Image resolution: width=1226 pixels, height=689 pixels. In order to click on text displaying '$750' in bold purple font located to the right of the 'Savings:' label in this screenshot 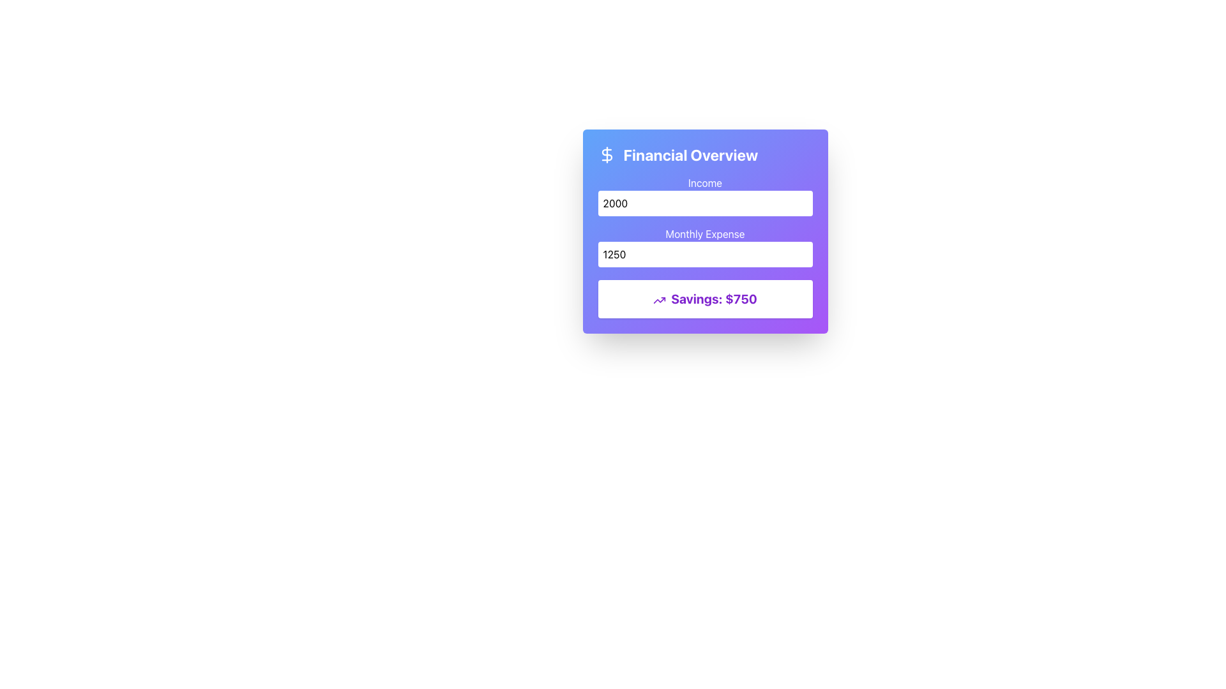, I will do `click(741, 299)`.